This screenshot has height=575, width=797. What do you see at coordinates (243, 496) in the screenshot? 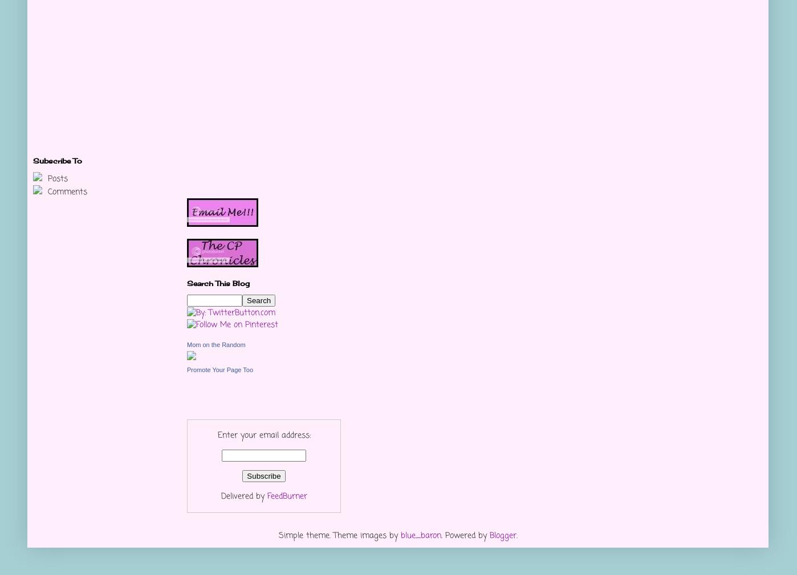
I see `'Delivered by'` at bounding box center [243, 496].